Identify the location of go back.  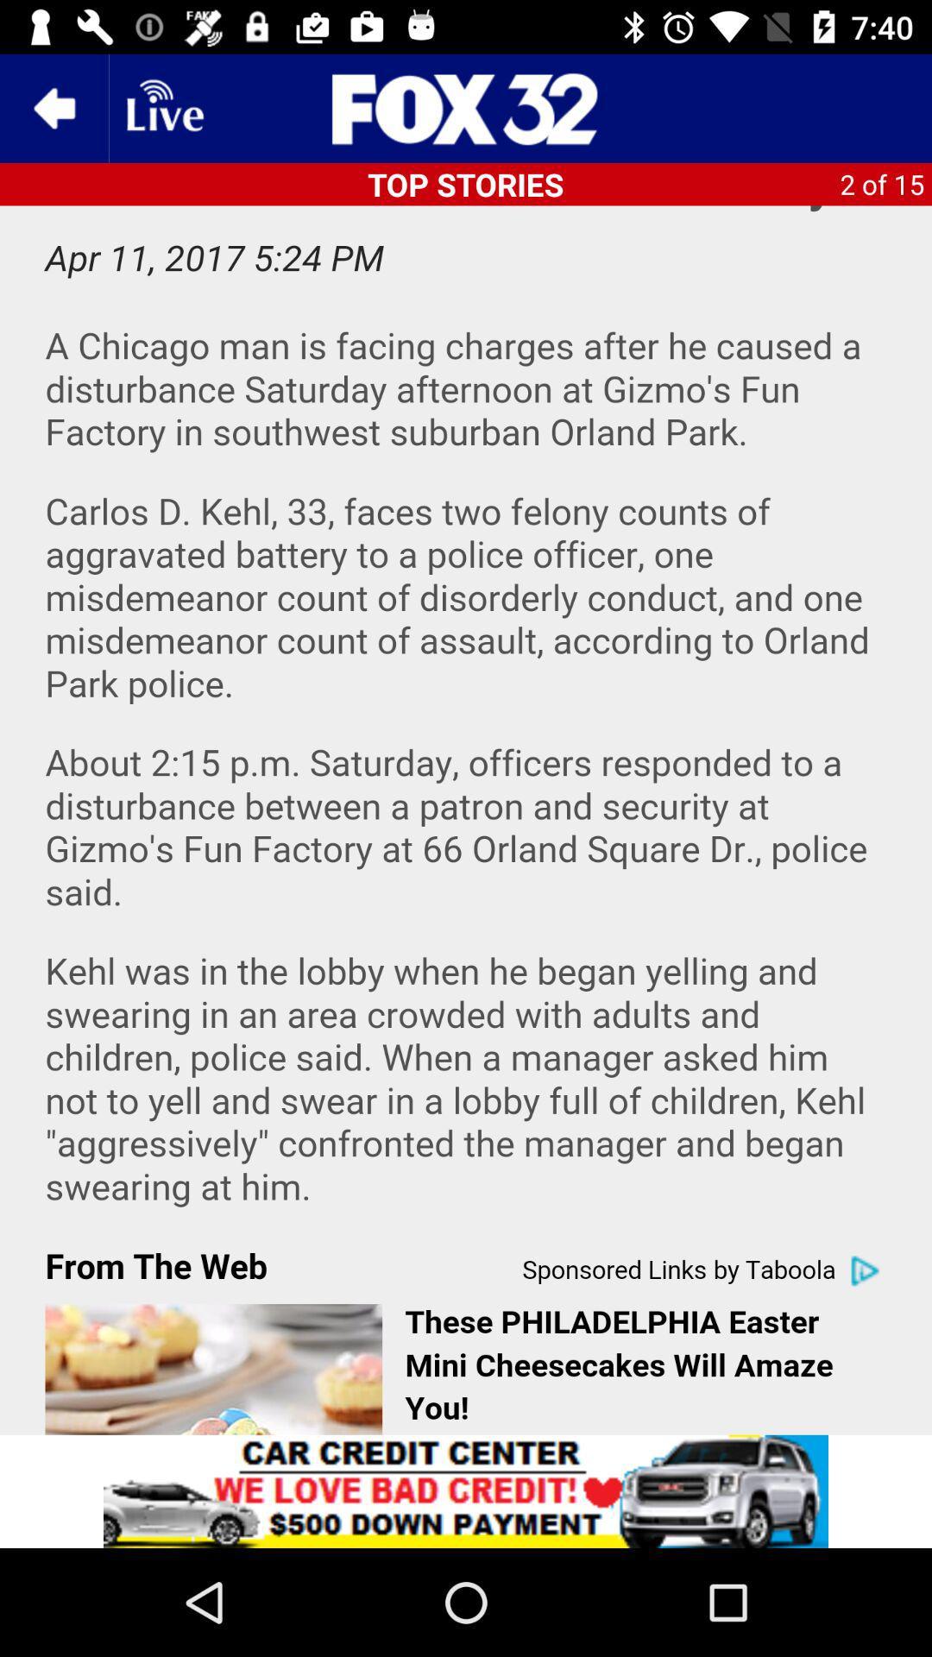
(53, 107).